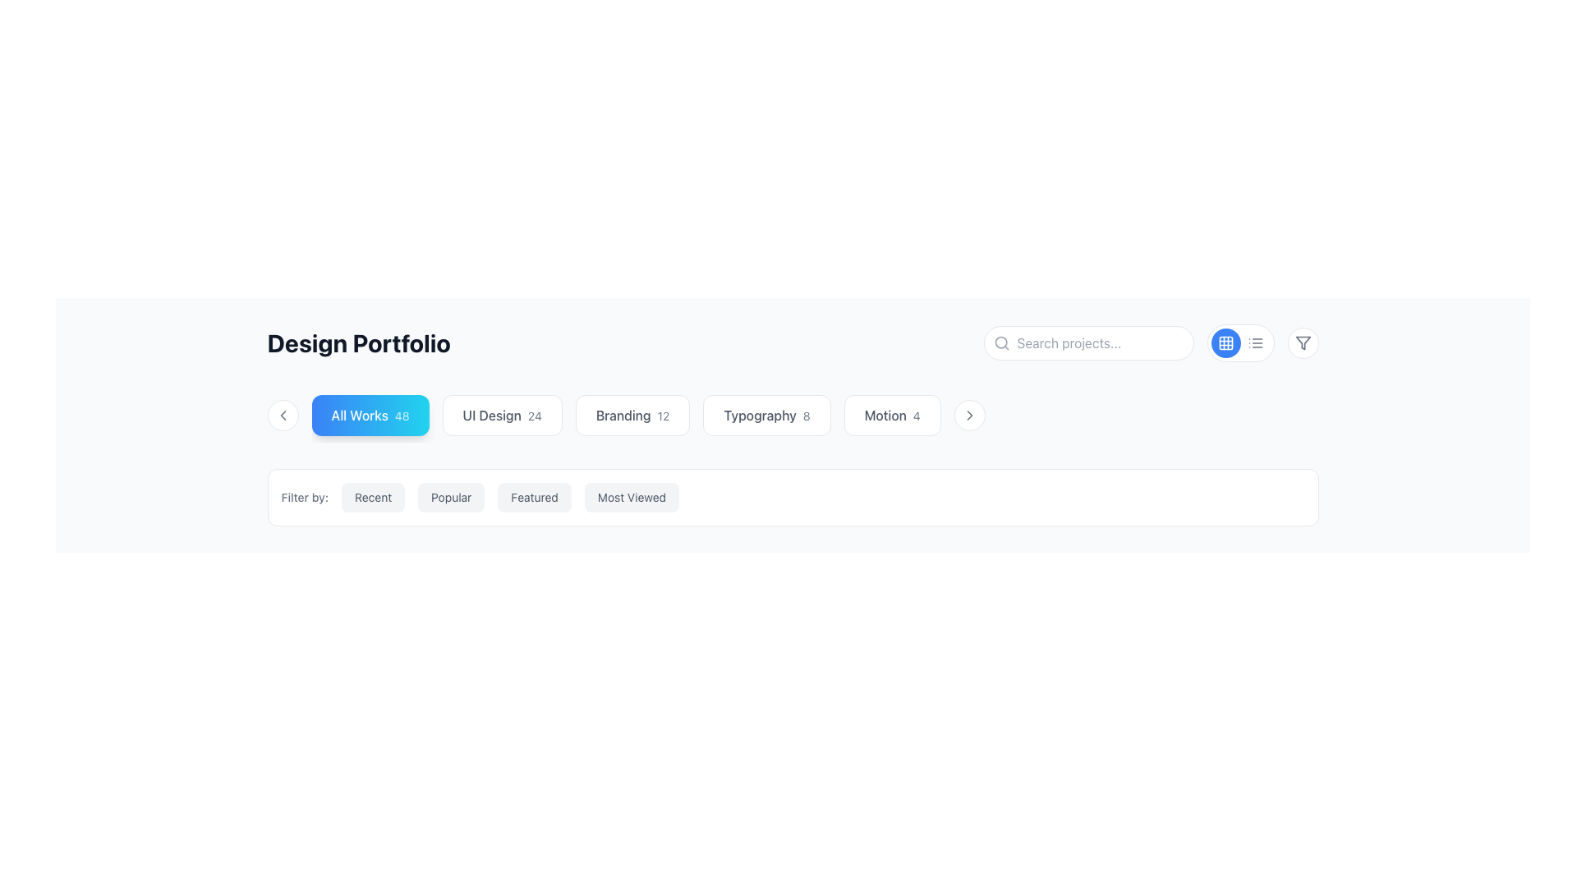 The height and width of the screenshot is (887, 1577). What do you see at coordinates (283, 414) in the screenshot?
I see `the left-pointing chevron icon for backward navigation, positioned before the 'All Works' button` at bounding box center [283, 414].